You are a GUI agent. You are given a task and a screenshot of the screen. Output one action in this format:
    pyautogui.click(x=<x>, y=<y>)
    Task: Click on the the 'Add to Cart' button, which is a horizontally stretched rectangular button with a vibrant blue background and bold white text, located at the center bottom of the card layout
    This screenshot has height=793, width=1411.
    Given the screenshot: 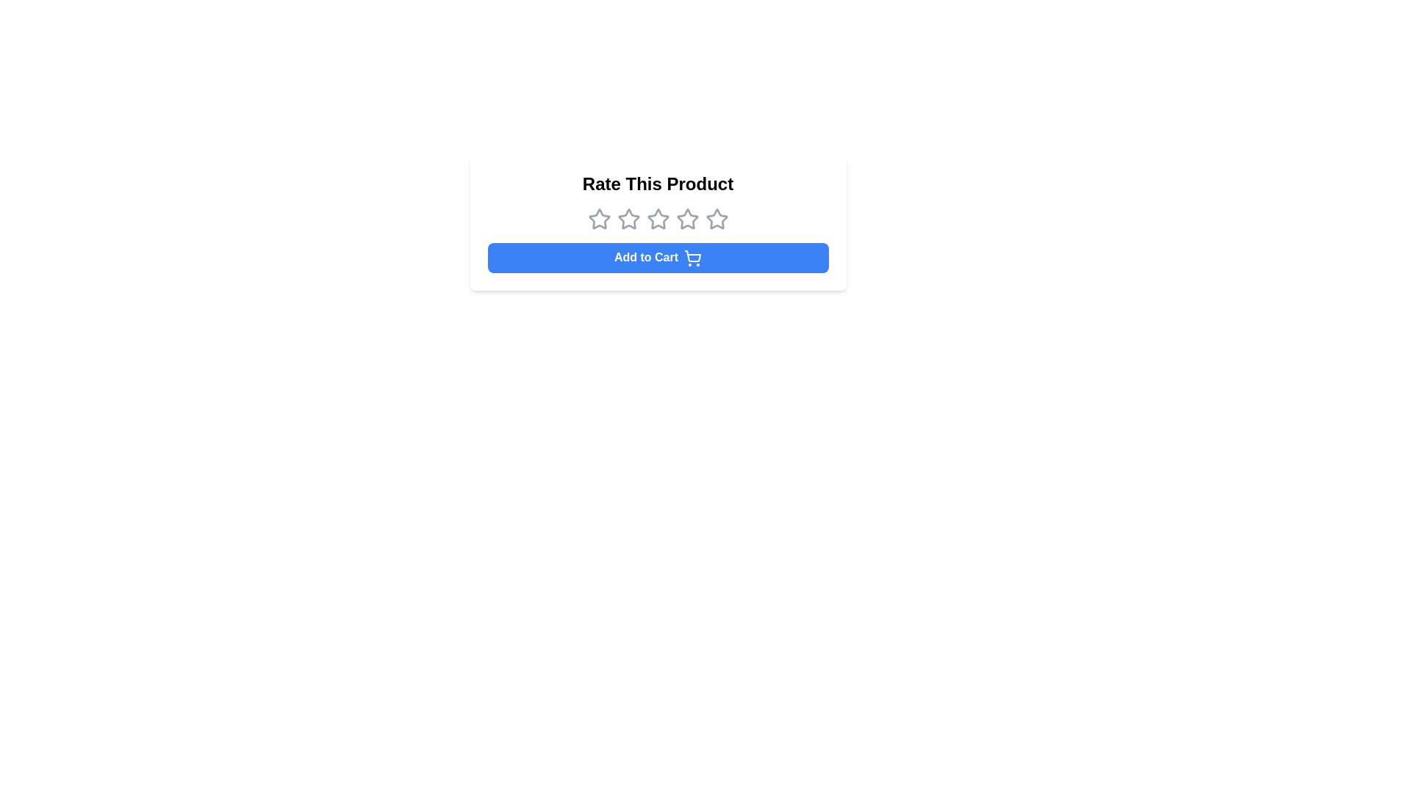 What is the action you would take?
    pyautogui.click(x=657, y=257)
    